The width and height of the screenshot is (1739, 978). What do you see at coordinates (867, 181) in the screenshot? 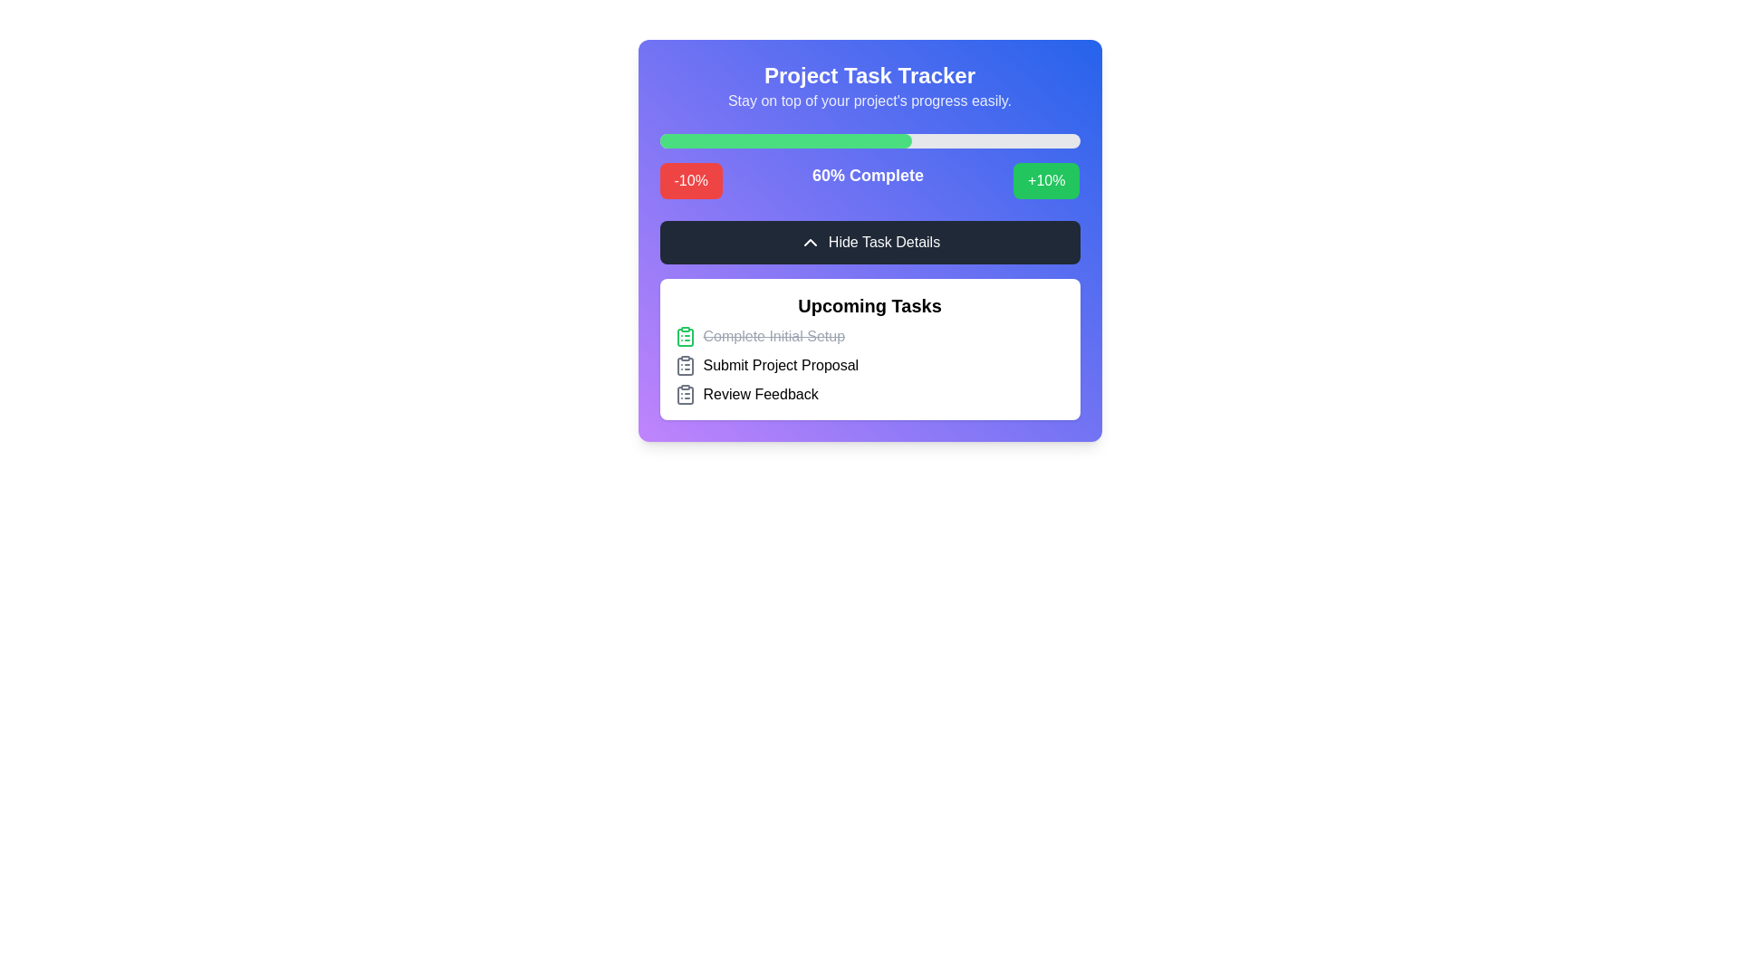
I see `the static text label that indicates the current progress status, which shows that the process is currently 60% complete` at bounding box center [867, 181].